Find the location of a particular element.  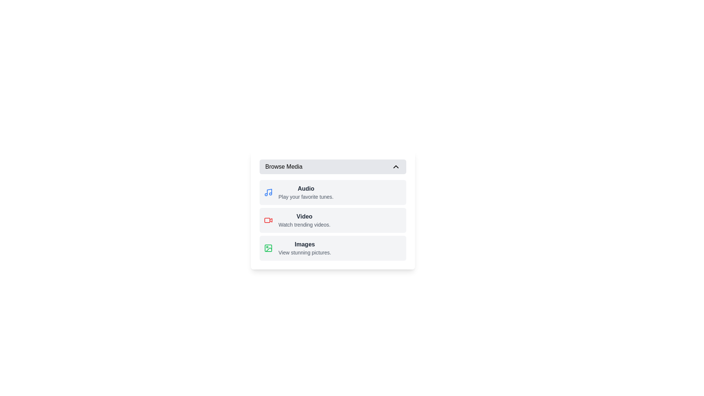

the second option in the 'Browse Media' card which provides information about accessing video content is located at coordinates (304, 220).